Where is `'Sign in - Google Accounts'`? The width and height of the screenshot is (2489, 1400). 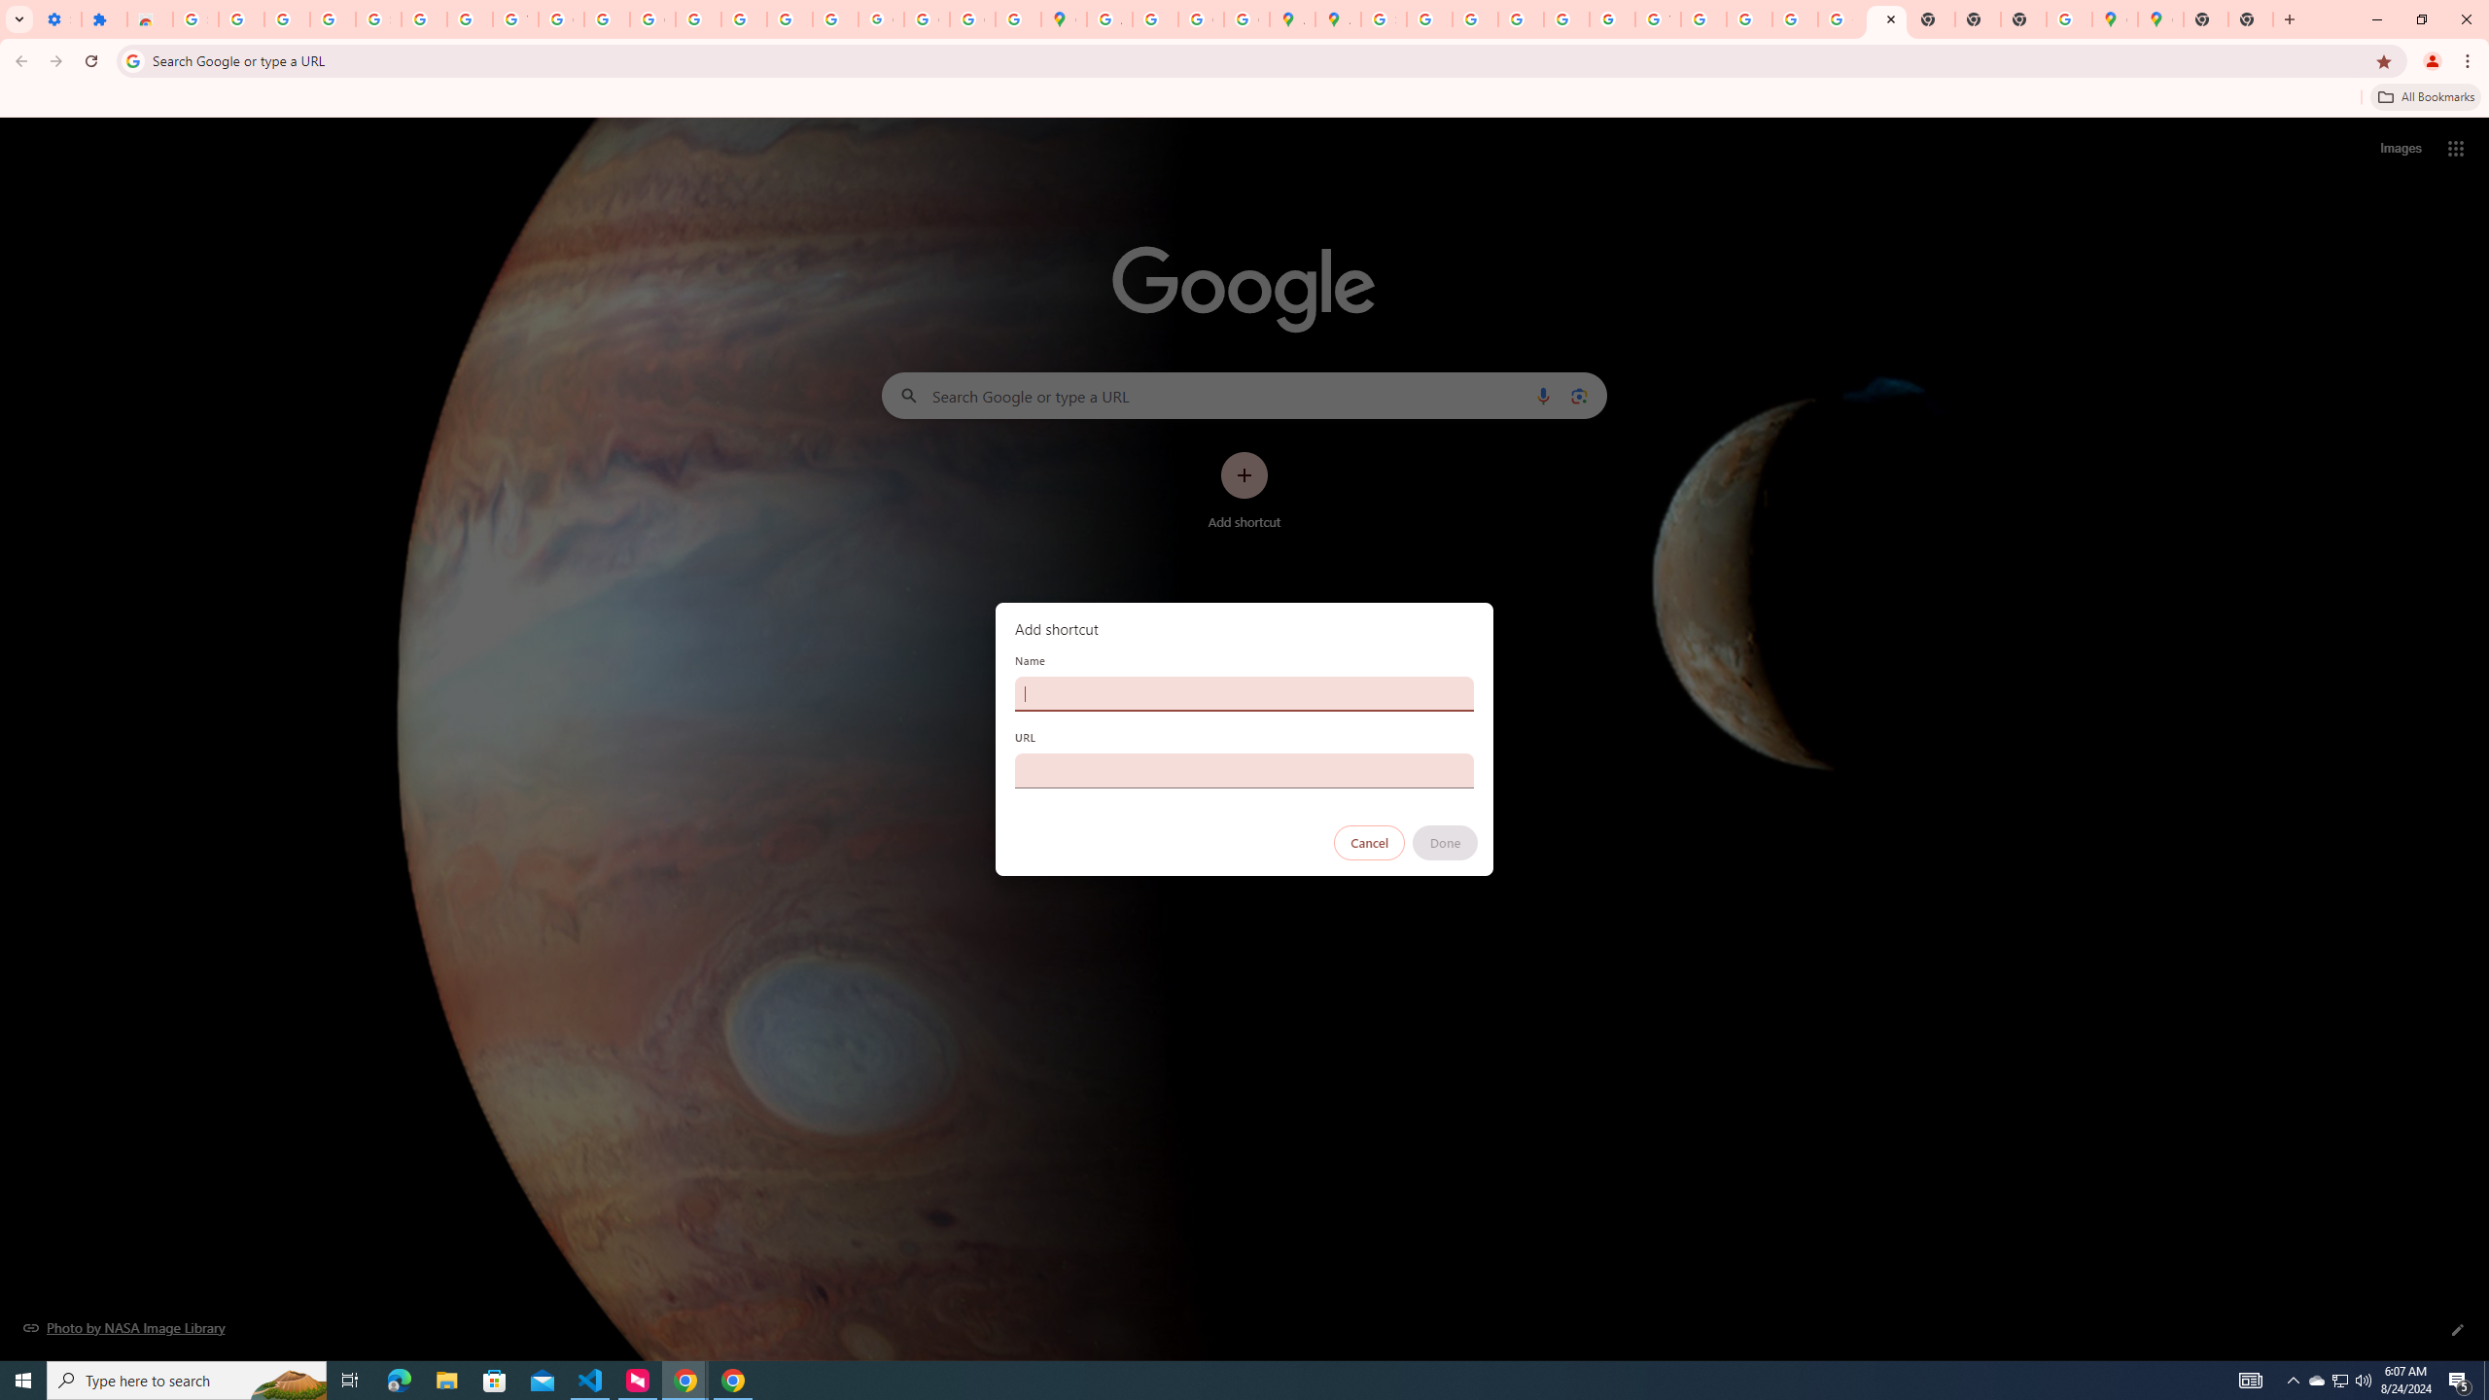
'Sign in - Google Accounts' is located at coordinates (193, 18).